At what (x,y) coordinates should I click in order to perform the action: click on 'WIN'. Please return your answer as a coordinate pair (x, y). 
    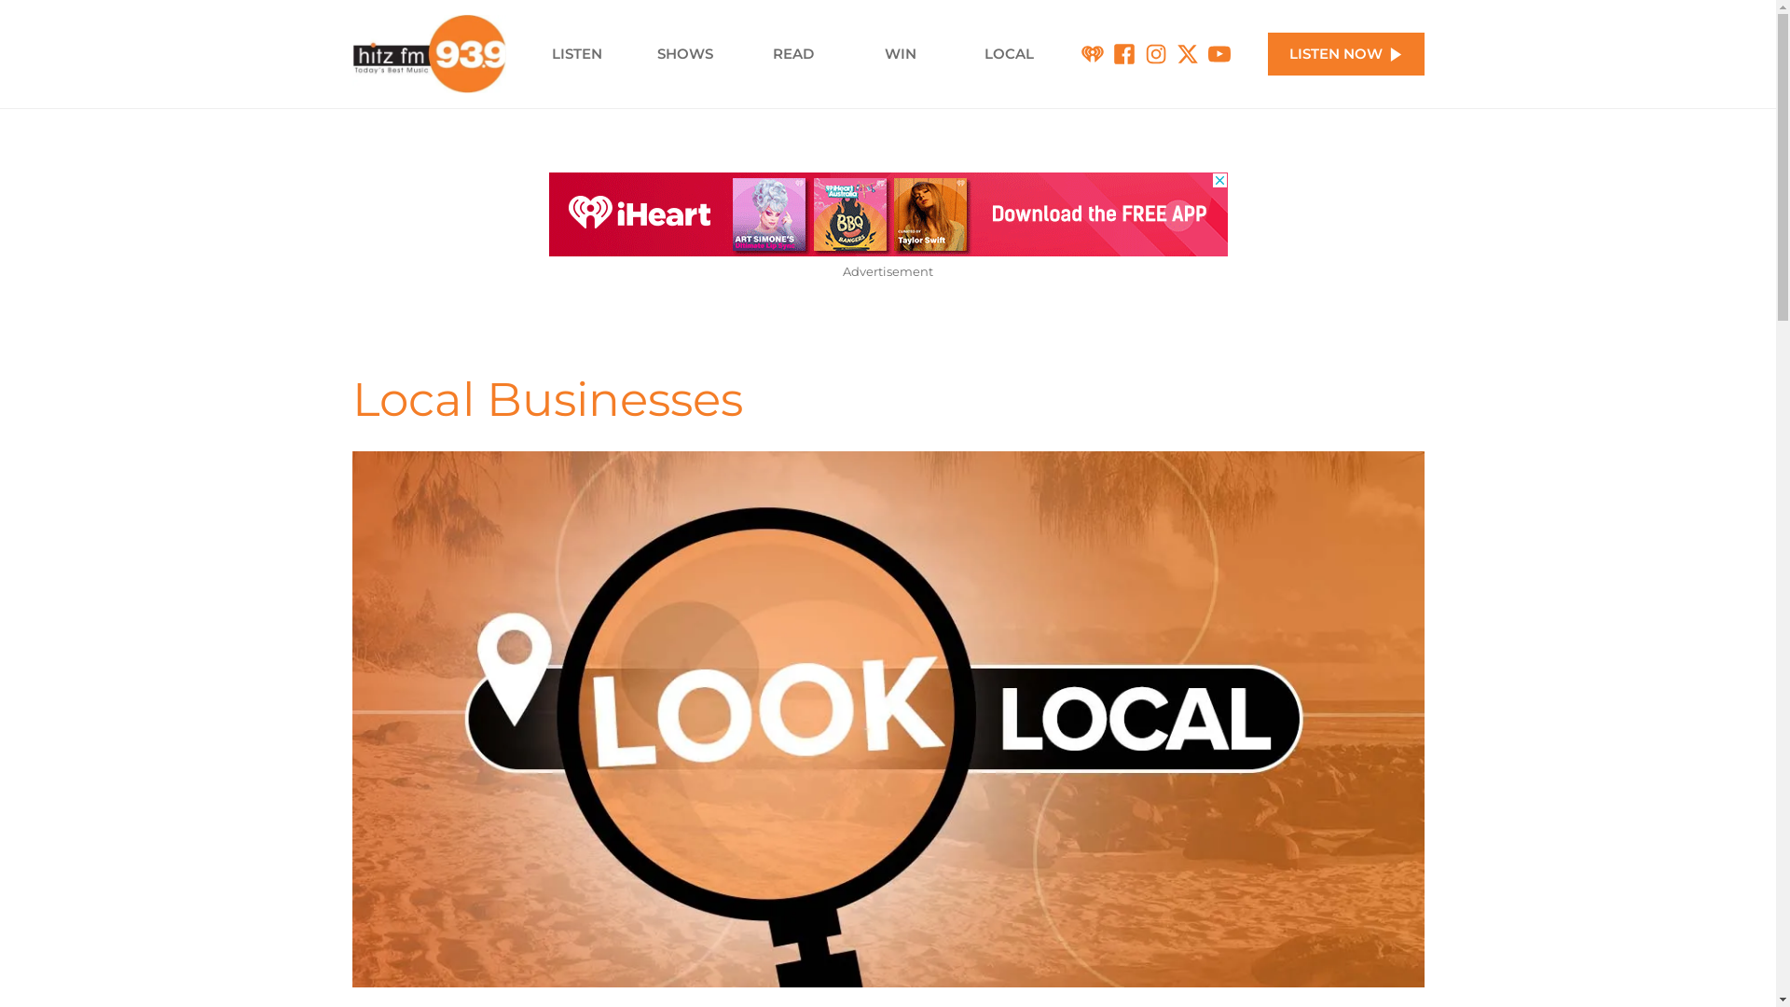
    Looking at the image, I should click on (901, 52).